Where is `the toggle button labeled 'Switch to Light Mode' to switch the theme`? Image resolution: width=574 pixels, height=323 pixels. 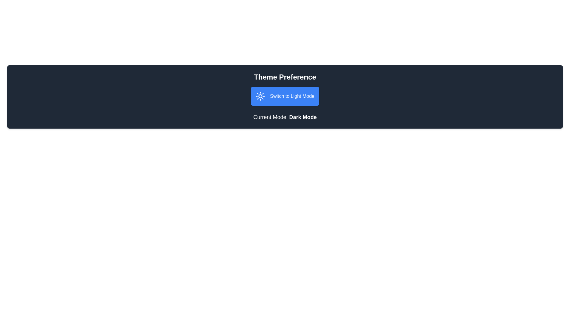 the toggle button labeled 'Switch to Light Mode' to switch the theme is located at coordinates (285, 96).